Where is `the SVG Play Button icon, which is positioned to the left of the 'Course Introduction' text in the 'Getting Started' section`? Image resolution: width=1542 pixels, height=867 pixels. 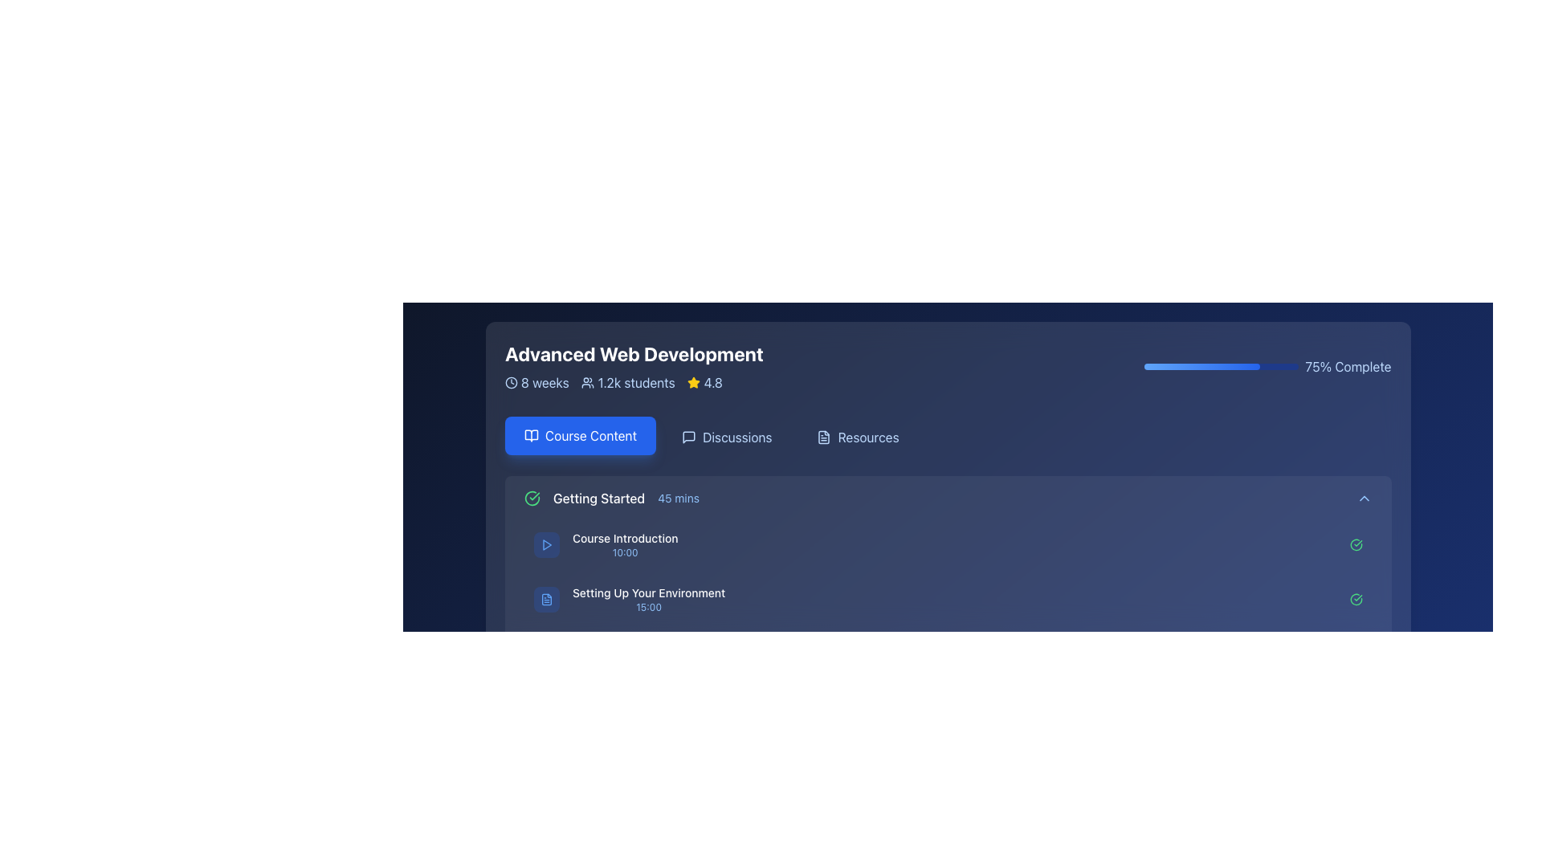
the SVG Play Button icon, which is positioned to the left of the 'Course Introduction' text in the 'Getting Started' section is located at coordinates (546, 543).